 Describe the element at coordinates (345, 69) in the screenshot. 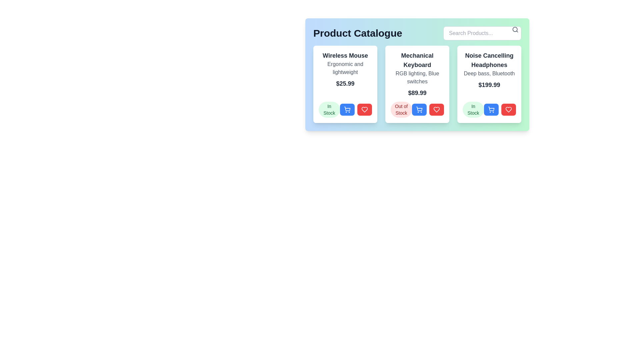

I see `the Information display block located in the first card of the grid under 'Product Catalogue', positioned above the 'In Stock' badge and control buttons` at that location.